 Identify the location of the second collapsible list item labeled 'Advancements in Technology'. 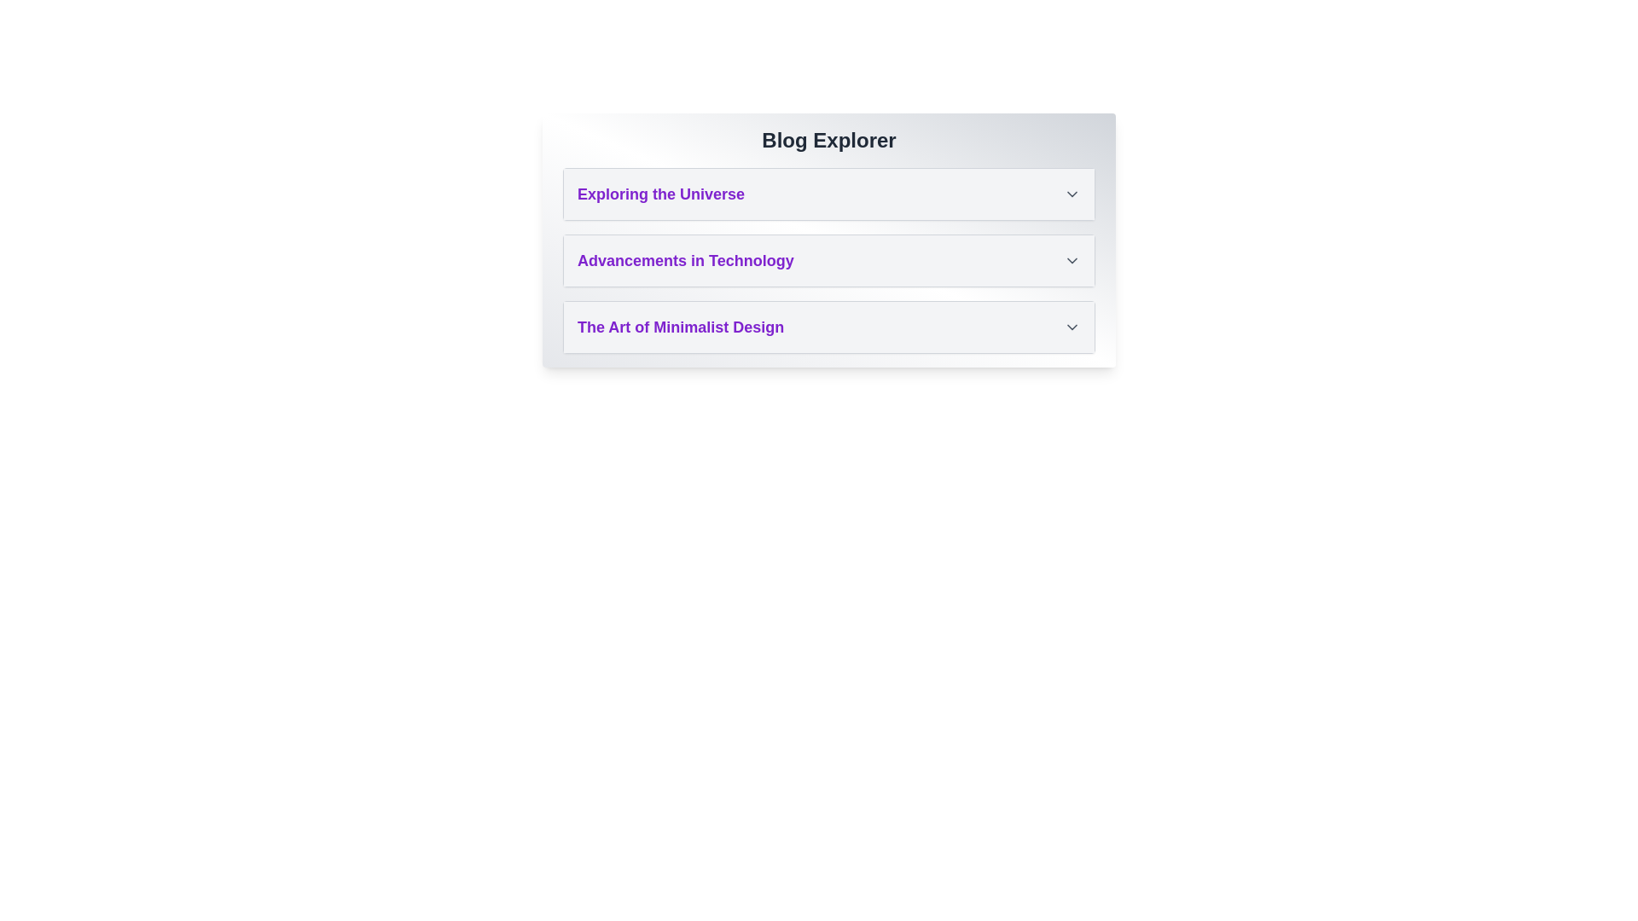
(828, 260).